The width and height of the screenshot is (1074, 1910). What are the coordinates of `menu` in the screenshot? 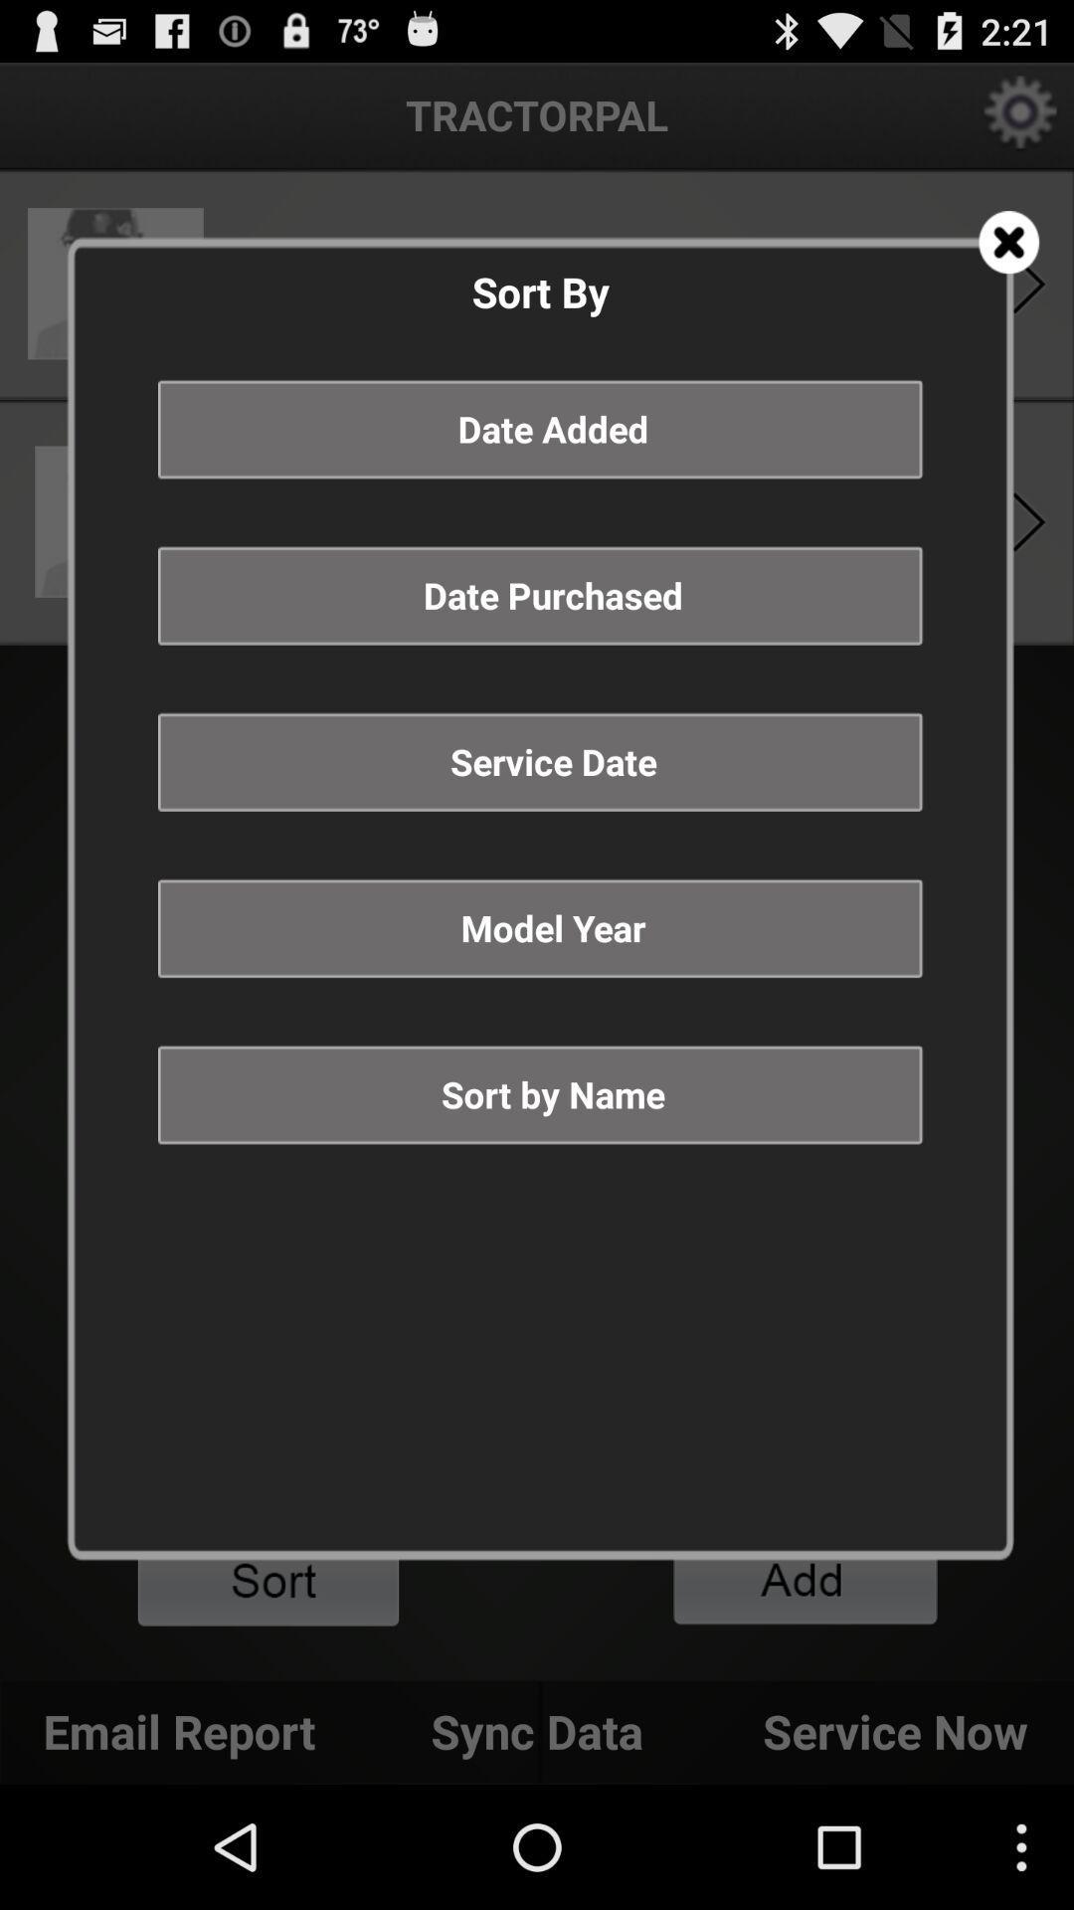 It's located at (1008, 241).